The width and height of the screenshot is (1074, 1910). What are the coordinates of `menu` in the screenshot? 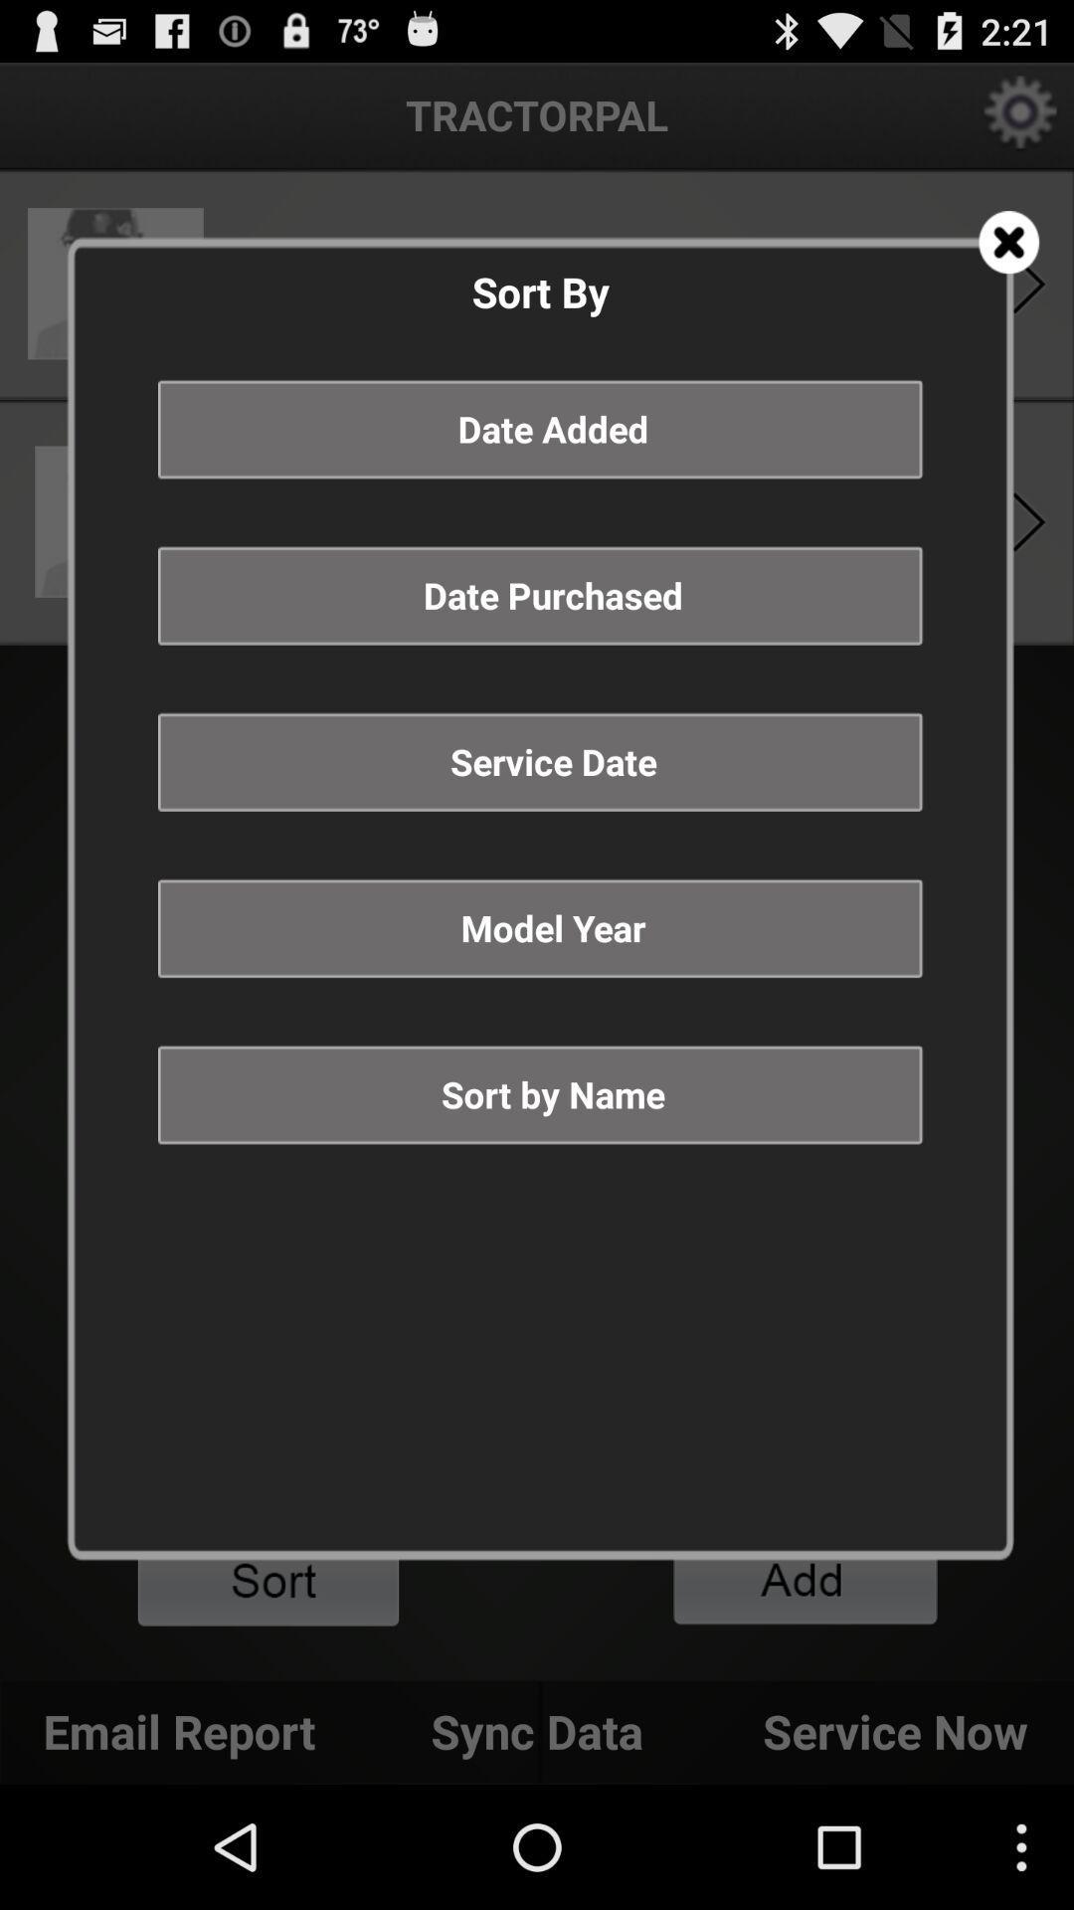 It's located at (1008, 241).